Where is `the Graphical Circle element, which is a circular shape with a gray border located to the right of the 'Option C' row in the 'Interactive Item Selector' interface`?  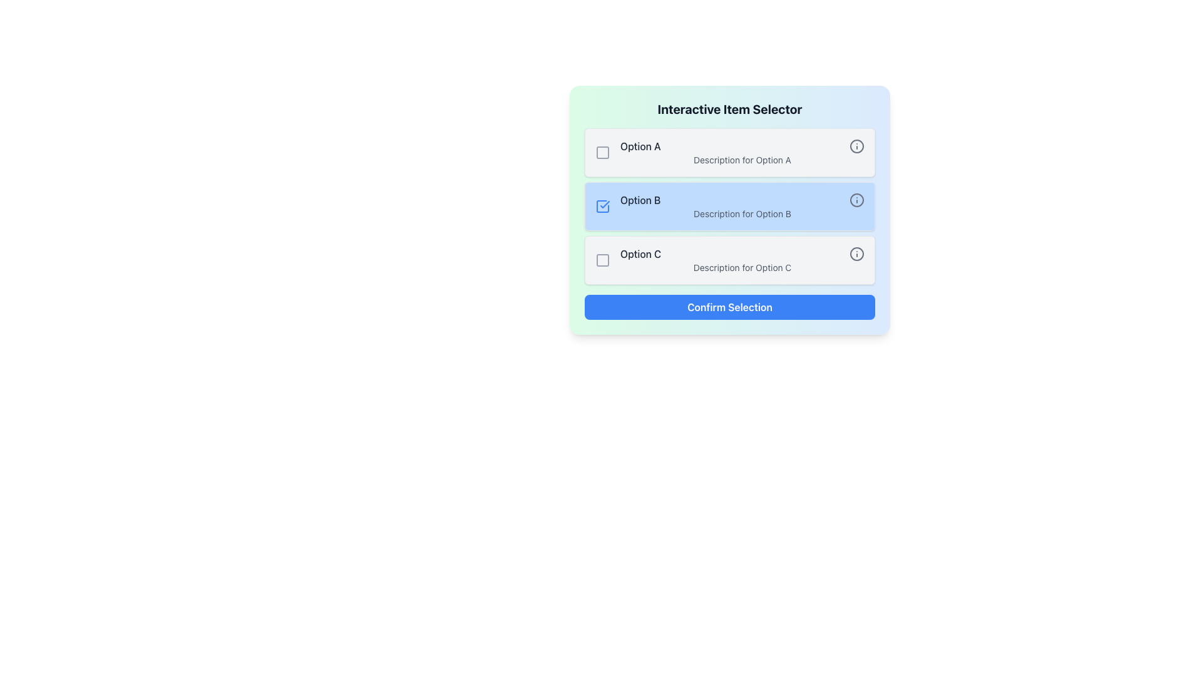 the Graphical Circle element, which is a circular shape with a gray border located to the right of the 'Option C' row in the 'Interactive Item Selector' interface is located at coordinates (856, 253).